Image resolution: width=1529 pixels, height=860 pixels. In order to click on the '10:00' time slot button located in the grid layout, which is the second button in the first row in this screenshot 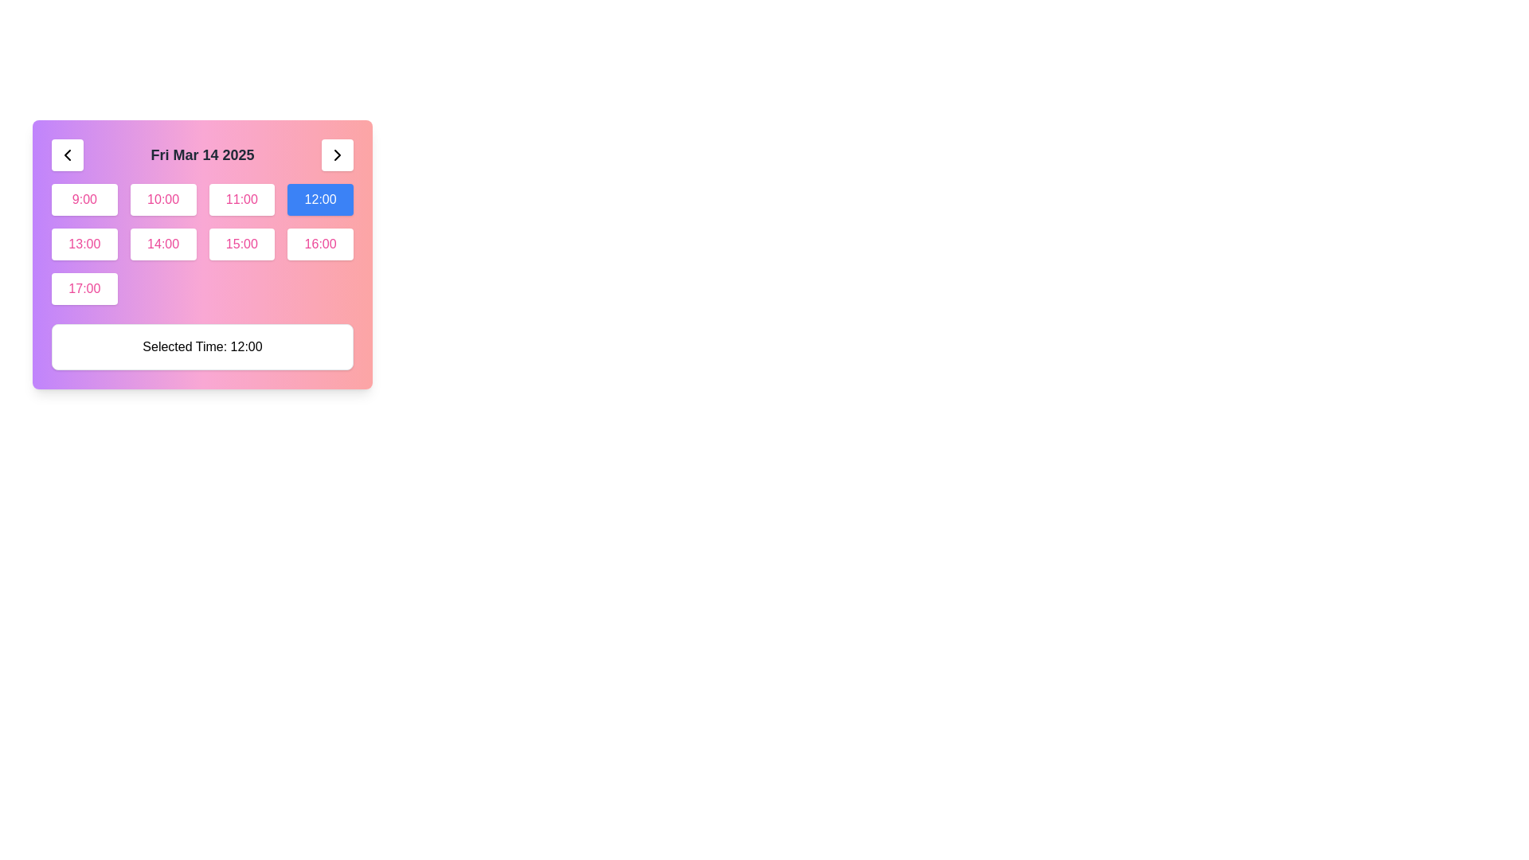, I will do `click(163, 198)`.